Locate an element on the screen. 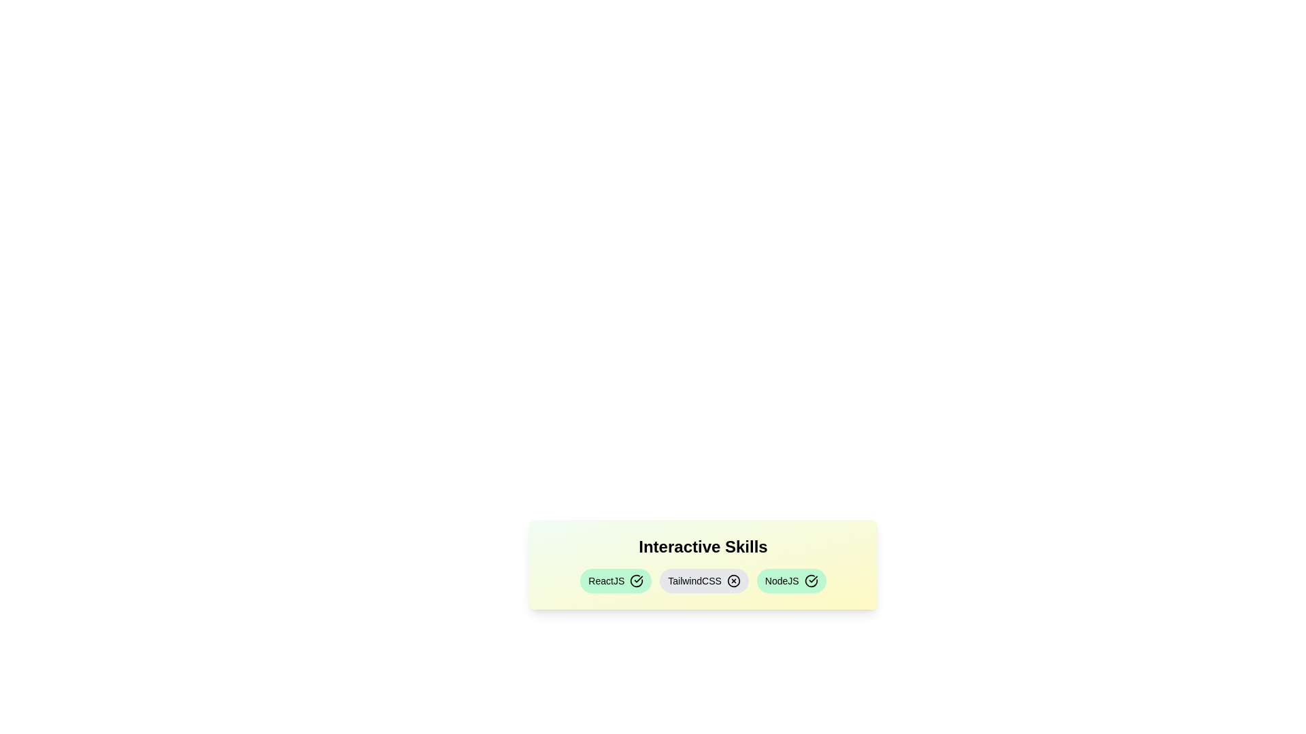 Image resolution: width=1306 pixels, height=734 pixels. the chip labeled TailwindCSS is located at coordinates (704, 581).